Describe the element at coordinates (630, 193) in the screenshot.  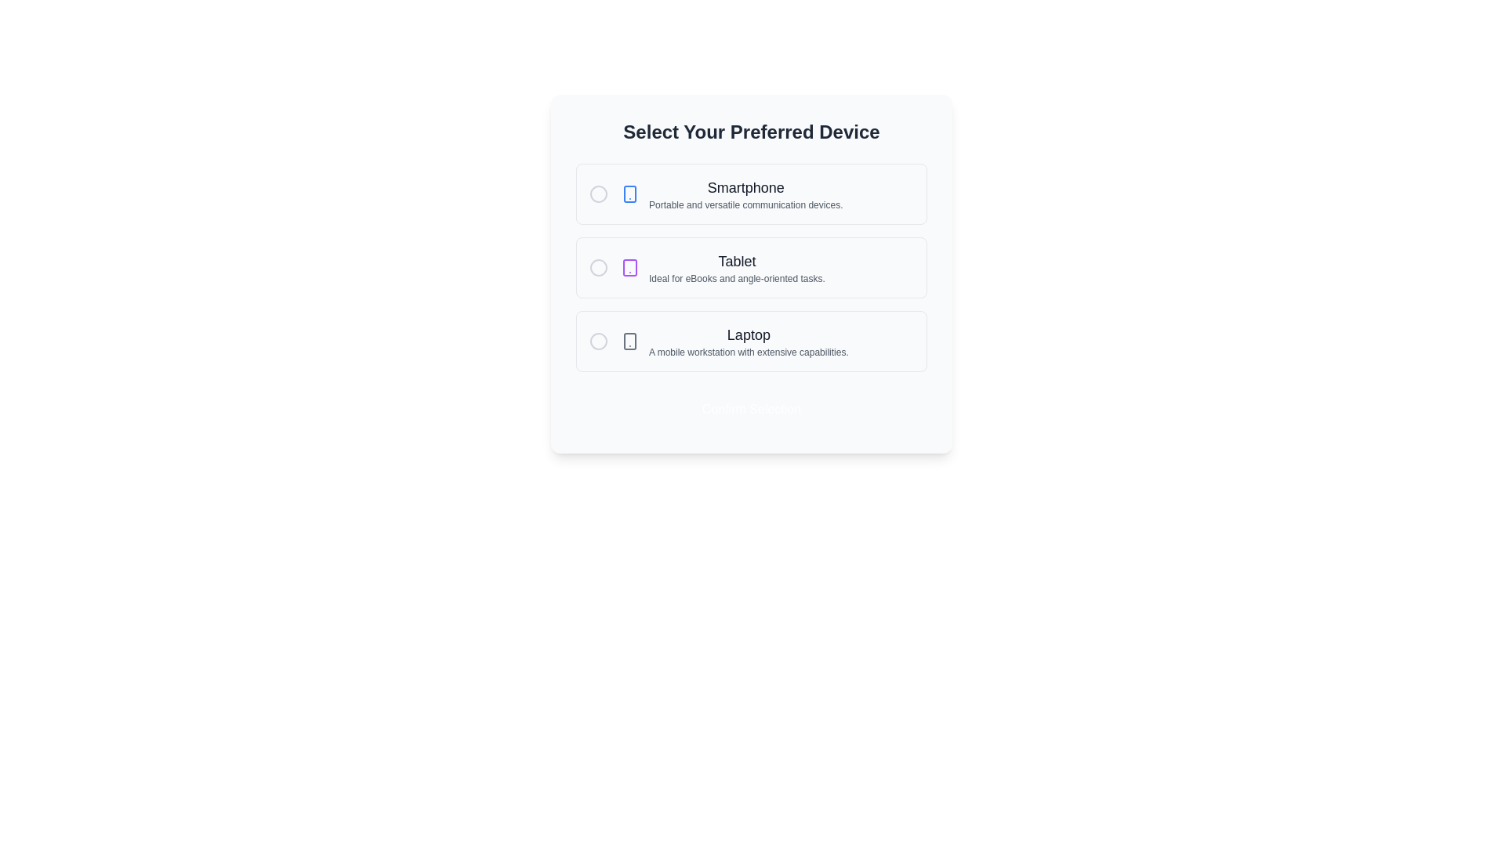
I see `the decorative smartphone icon located to the left of the 'Smartphone' text in the first row of the list` at that location.